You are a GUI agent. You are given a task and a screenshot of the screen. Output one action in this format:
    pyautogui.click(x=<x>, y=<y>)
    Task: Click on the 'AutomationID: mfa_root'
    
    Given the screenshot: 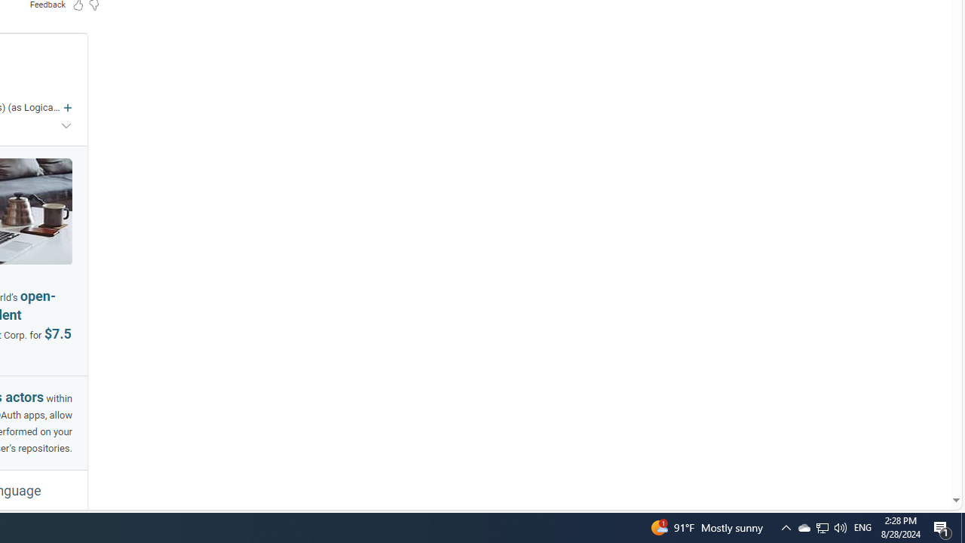 What is the action you would take?
    pyautogui.click(x=899, y=454)
    